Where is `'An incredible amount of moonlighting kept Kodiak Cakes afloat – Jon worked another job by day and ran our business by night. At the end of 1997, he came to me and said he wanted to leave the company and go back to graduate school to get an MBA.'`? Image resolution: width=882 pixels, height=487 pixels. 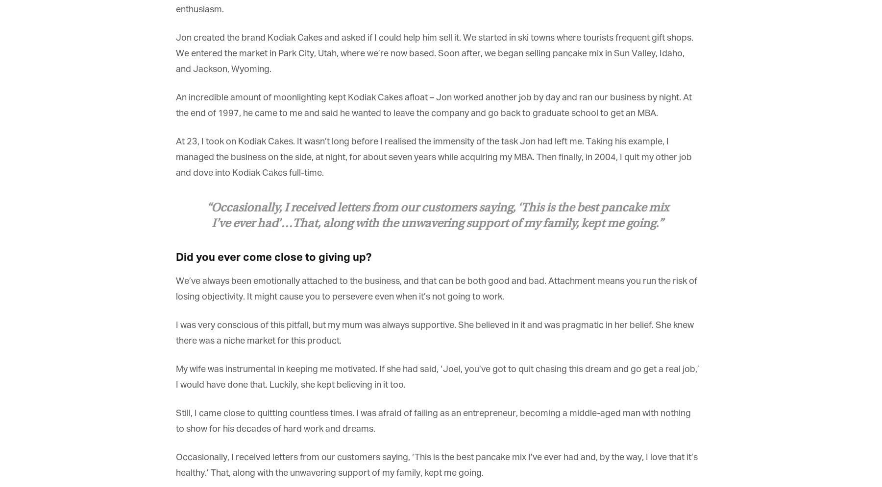
'An incredible amount of moonlighting kept Kodiak Cakes afloat – Jon worked another job by day and ran our business by night. At the end of 1997, he came to me and said he wanted to leave the company and go back to graduate school to get an MBA.' is located at coordinates (175, 105).